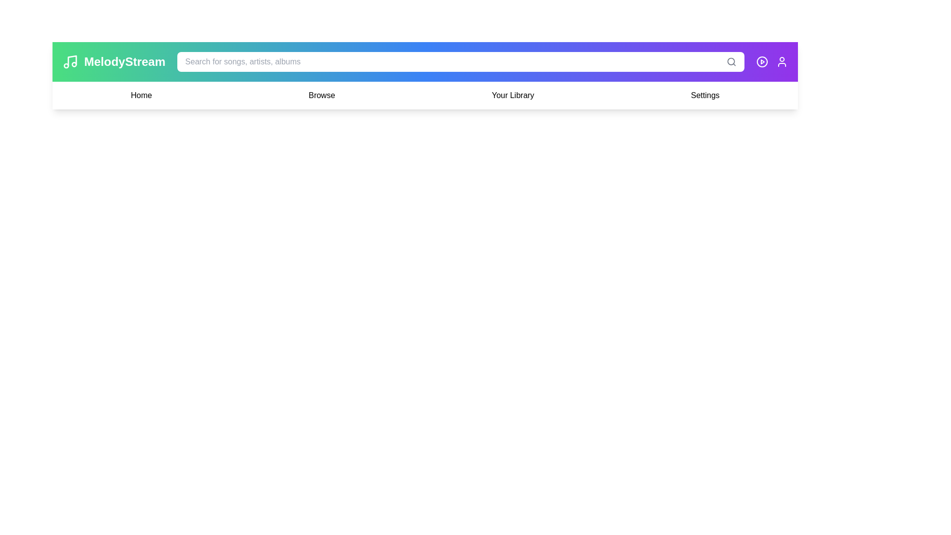  What do you see at coordinates (705, 95) in the screenshot?
I see `the menu item Settings from the navigation bar` at bounding box center [705, 95].